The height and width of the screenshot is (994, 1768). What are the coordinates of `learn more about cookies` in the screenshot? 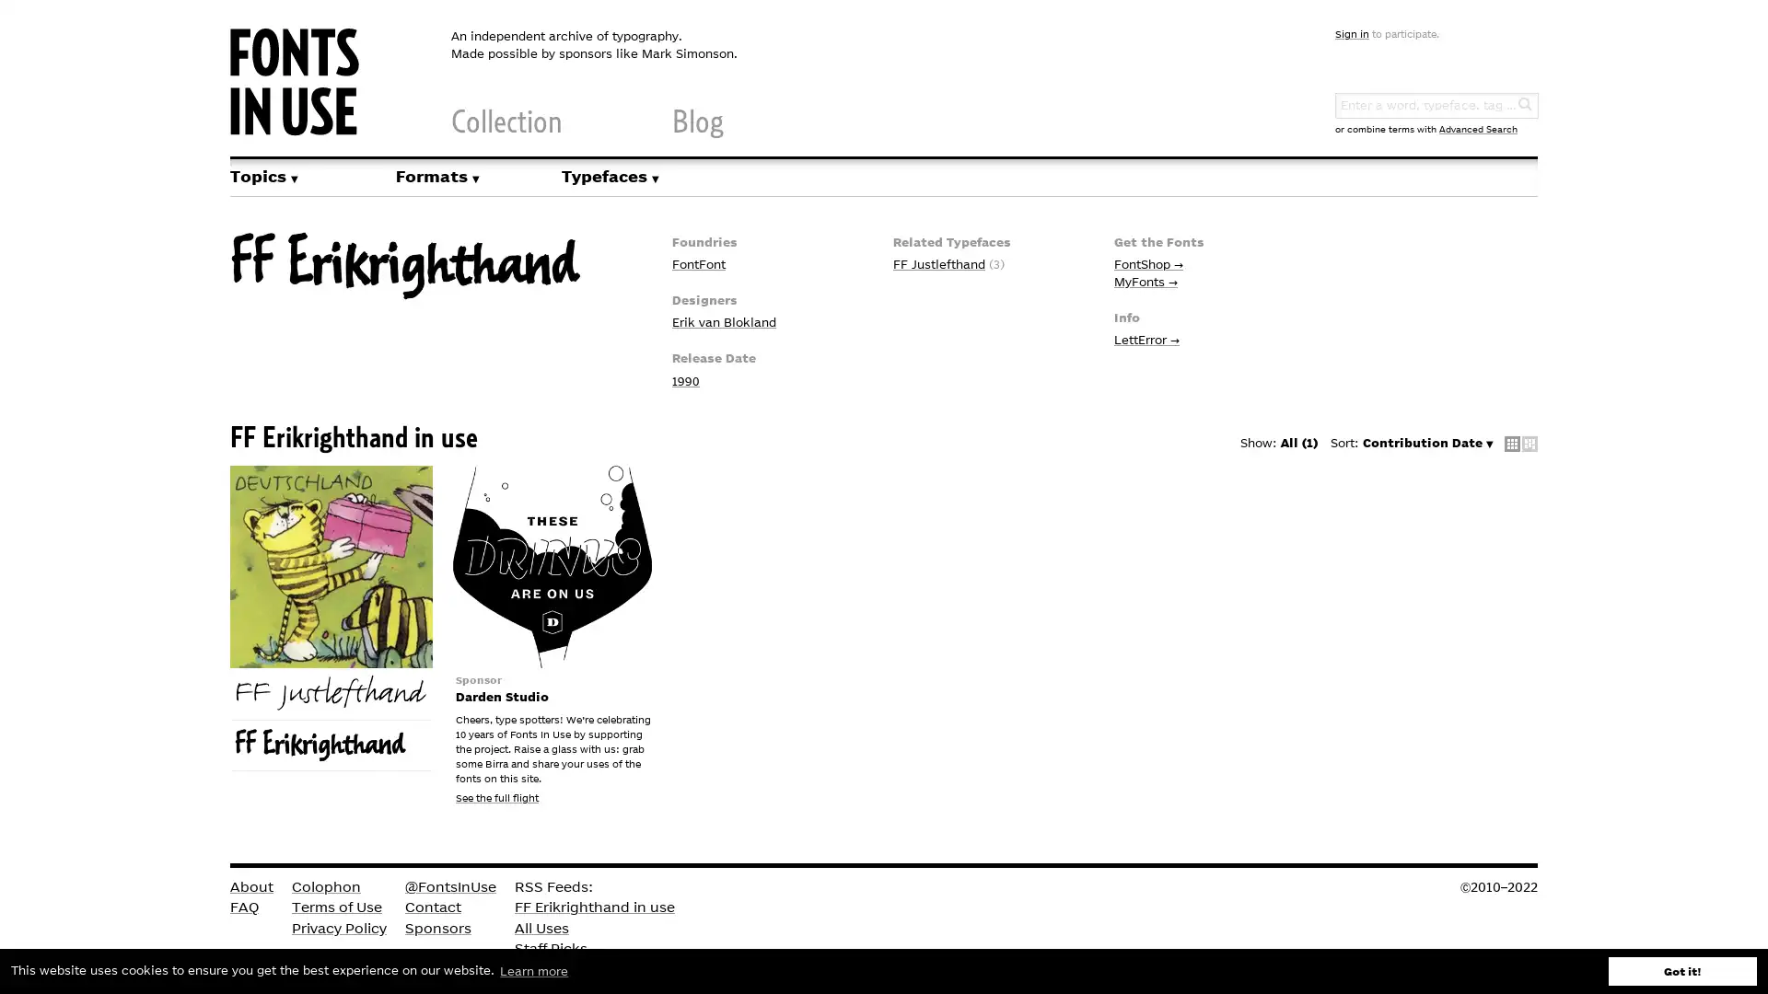 It's located at (533, 970).